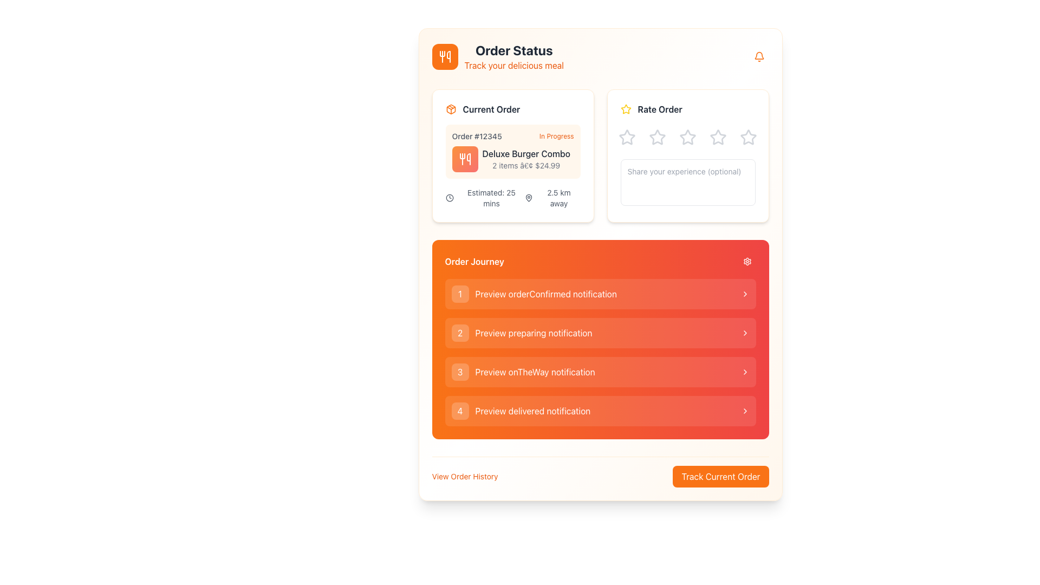 This screenshot has height=585, width=1040. What do you see at coordinates (657, 137) in the screenshot?
I see `the second star-shaped rating icon, outlined with a gray border, to confirm a 2-star rating` at bounding box center [657, 137].